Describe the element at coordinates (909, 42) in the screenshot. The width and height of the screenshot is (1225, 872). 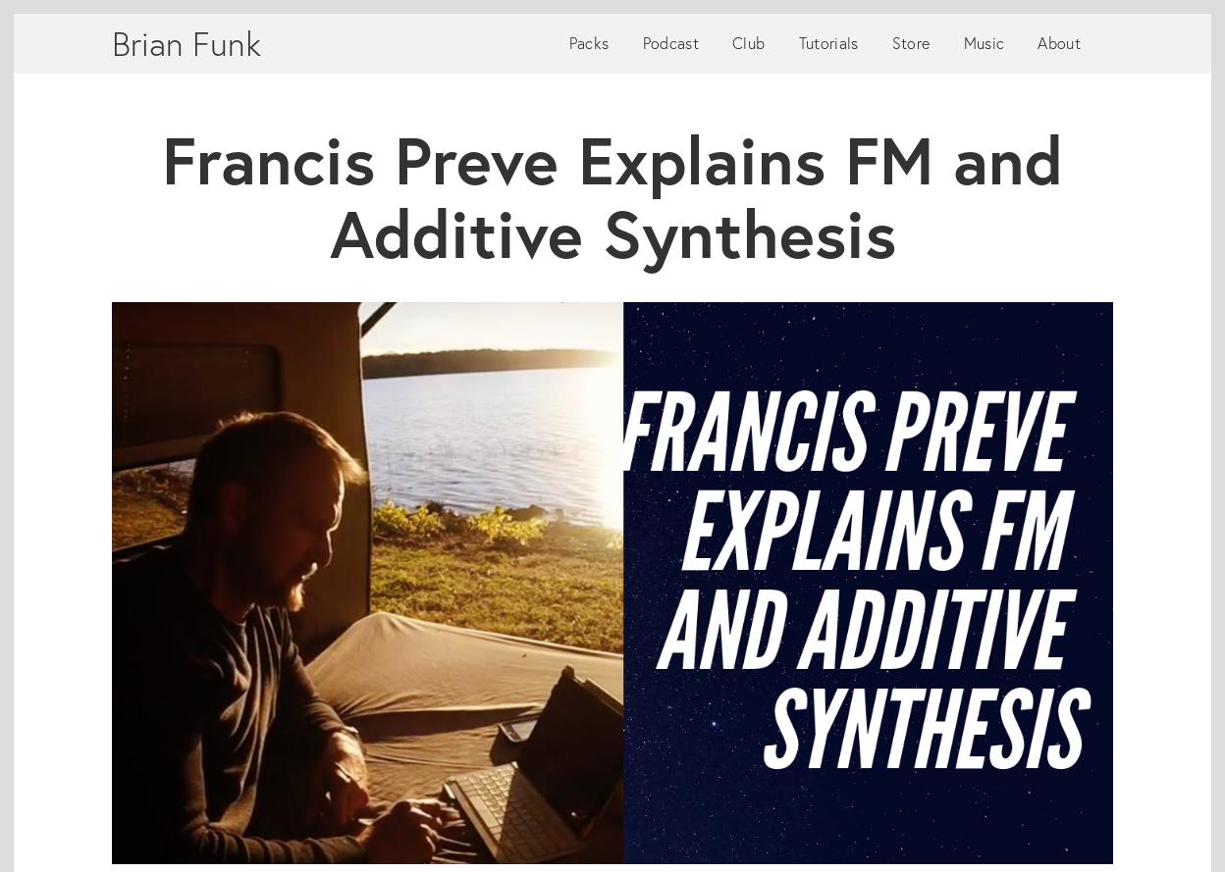
I see `'Store'` at that location.